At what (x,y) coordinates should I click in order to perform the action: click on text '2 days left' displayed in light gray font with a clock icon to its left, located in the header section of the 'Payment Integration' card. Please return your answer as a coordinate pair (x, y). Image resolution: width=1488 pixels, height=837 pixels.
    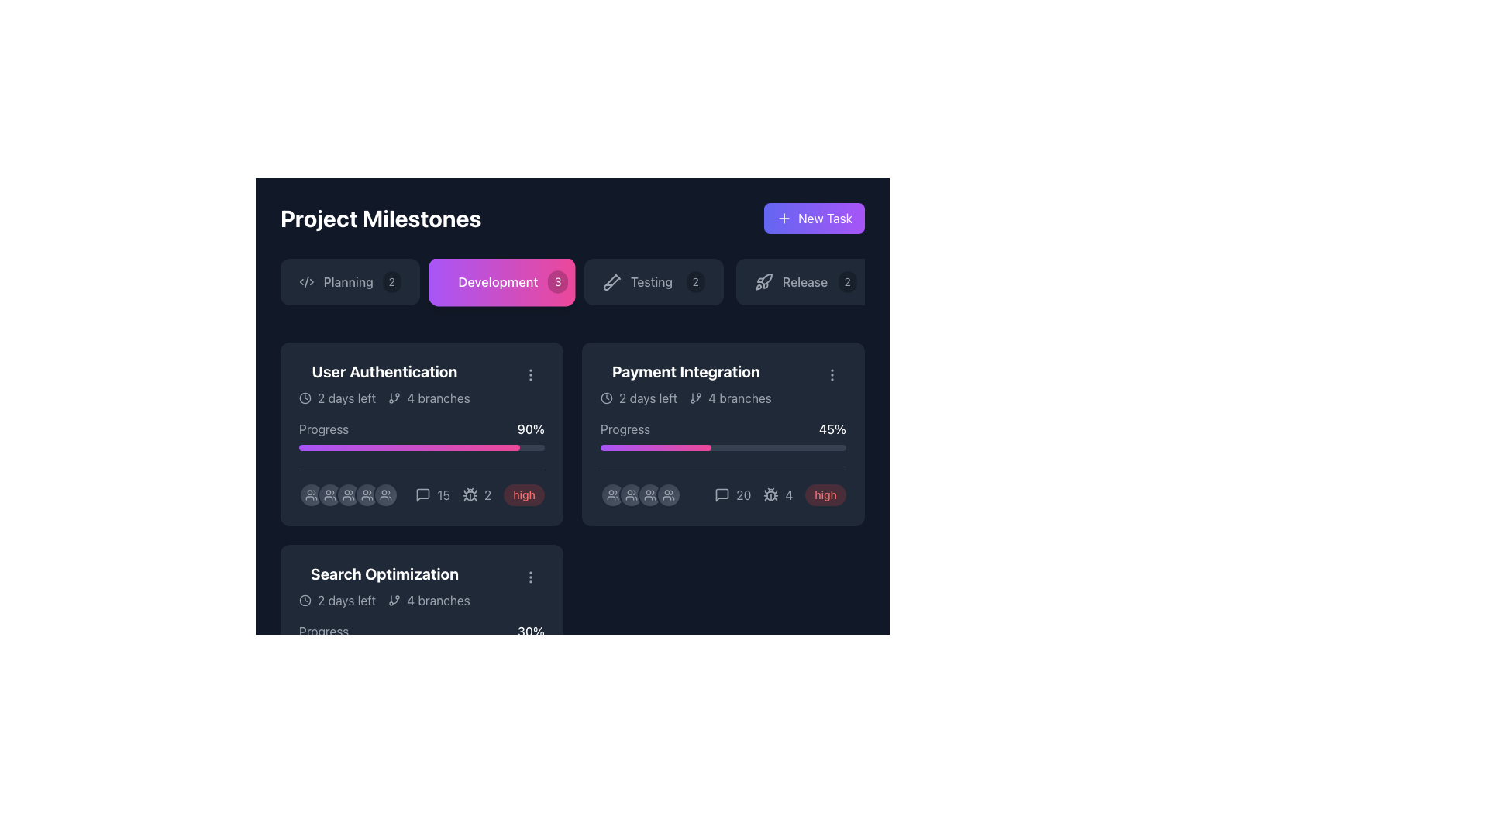
    Looking at the image, I should click on (639, 397).